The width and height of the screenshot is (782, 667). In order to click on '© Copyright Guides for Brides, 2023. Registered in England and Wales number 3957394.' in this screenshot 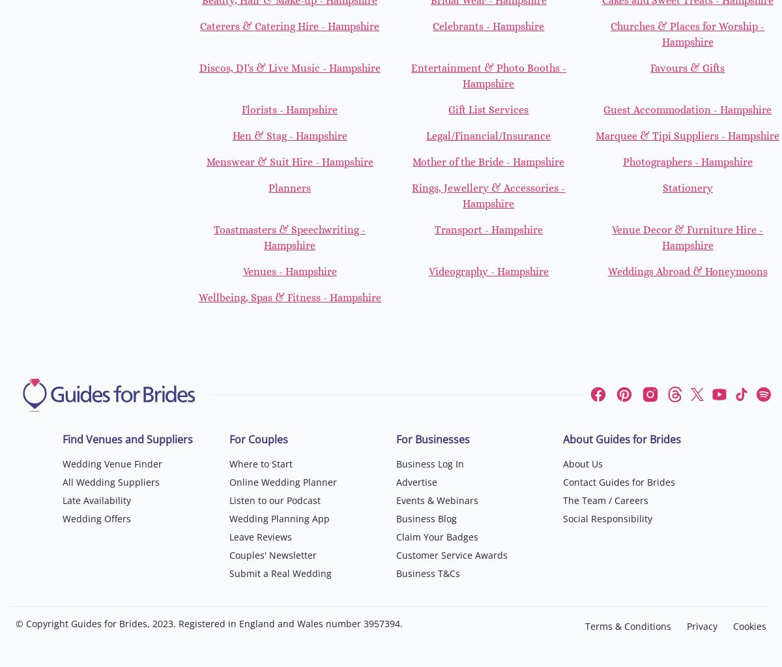, I will do `click(209, 623)`.